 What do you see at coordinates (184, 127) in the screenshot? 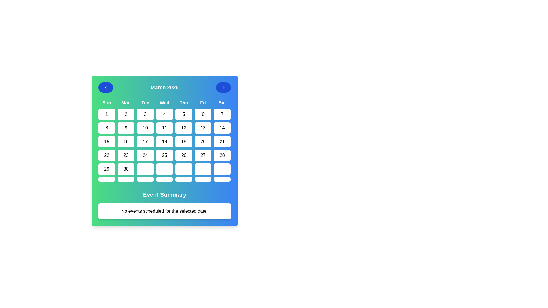
I see `the button displaying the number '12' in black text, located under the 'Thu' column of the calendar grid` at bounding box center [184, 127].